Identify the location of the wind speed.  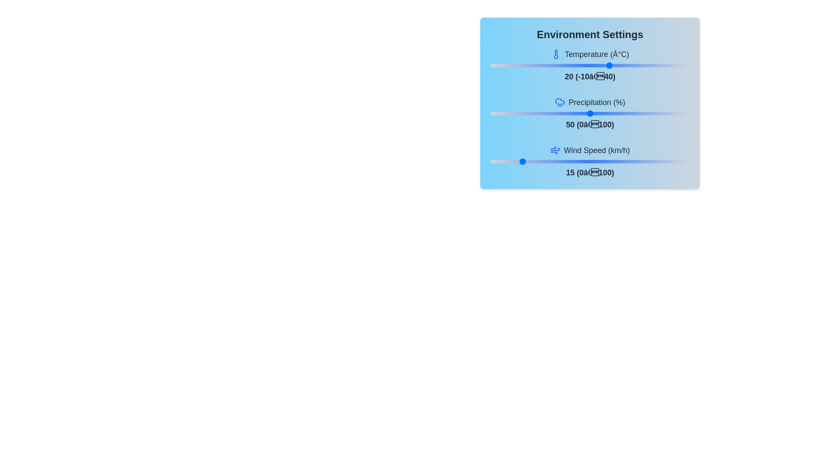
(589, 162).